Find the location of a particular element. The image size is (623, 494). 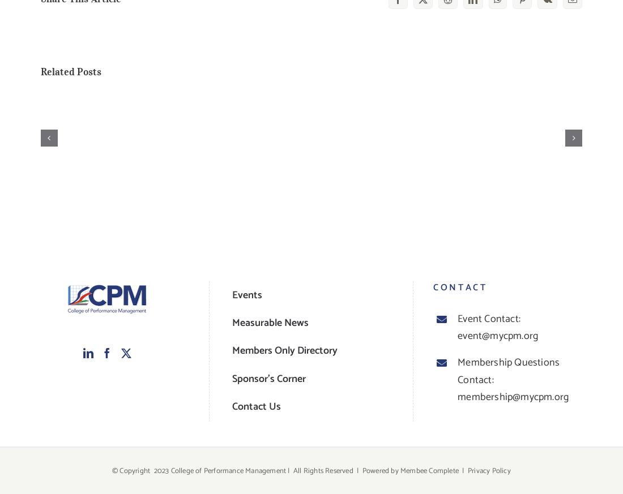

'Membership Questions Contact: membership@mycpm.org' is located at coordinates (513, 380).